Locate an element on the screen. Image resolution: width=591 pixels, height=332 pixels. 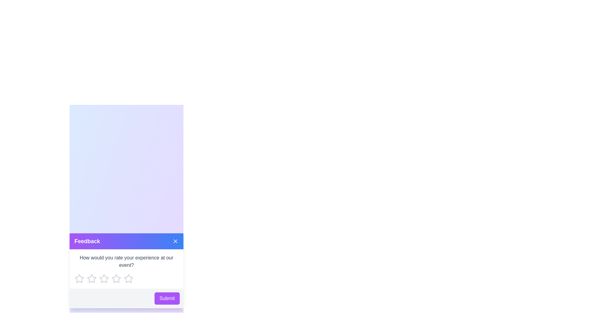
the fourth star icon in the feedback form is located at coordinates (128, 279).